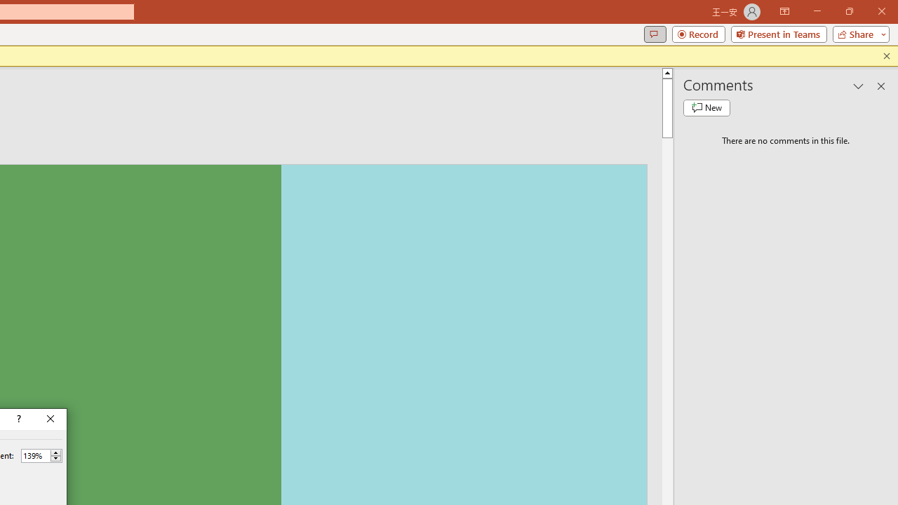 Image resolution: width=898 pixels, height=505 pixels. What do you see at coordinates (55, 452) in the screenshot?
I see `'More'` at bounding box center [55, 452].